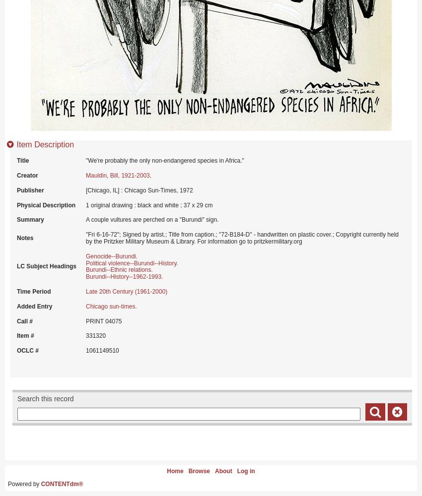 Image resolution: width=422 pixels, height=496 pixels. What do you see at coordinates (30, 219) in the screenshot?
I see `'Summary'` at bounding box center [30, 219].